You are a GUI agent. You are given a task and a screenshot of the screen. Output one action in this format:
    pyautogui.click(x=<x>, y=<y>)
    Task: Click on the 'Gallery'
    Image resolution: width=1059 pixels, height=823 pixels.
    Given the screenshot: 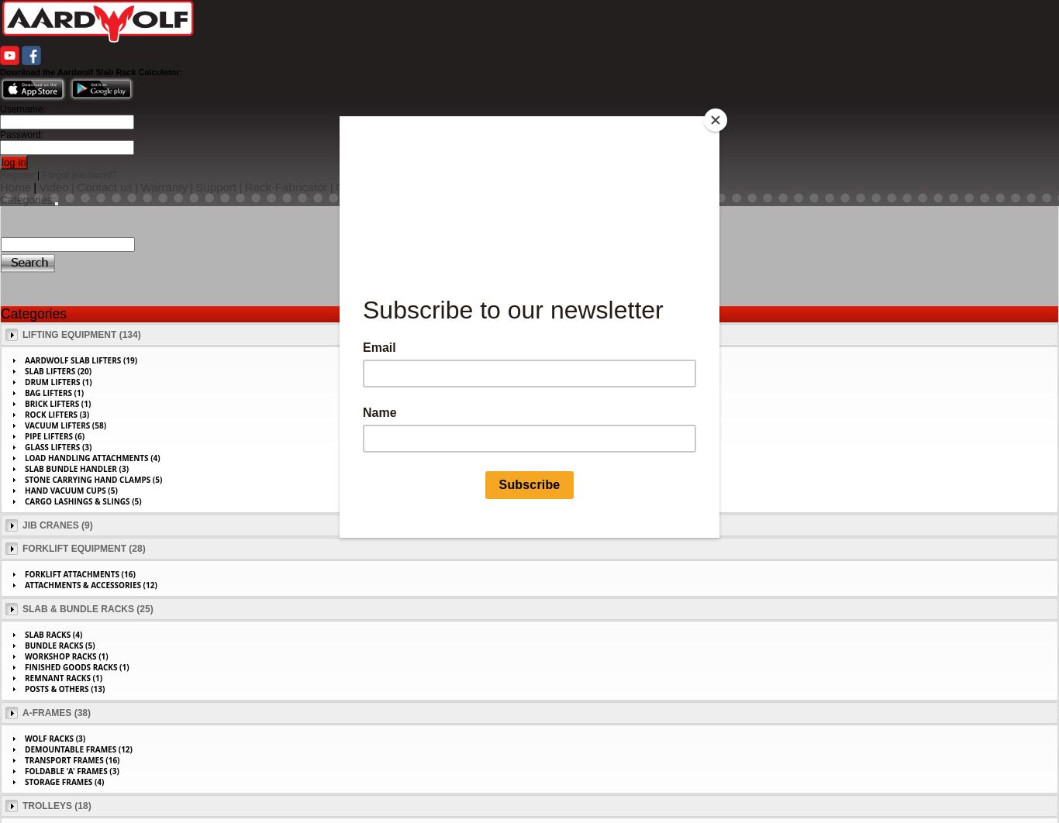 What is the action you would take?
    pyautogui.click(x=352, y=187)
    